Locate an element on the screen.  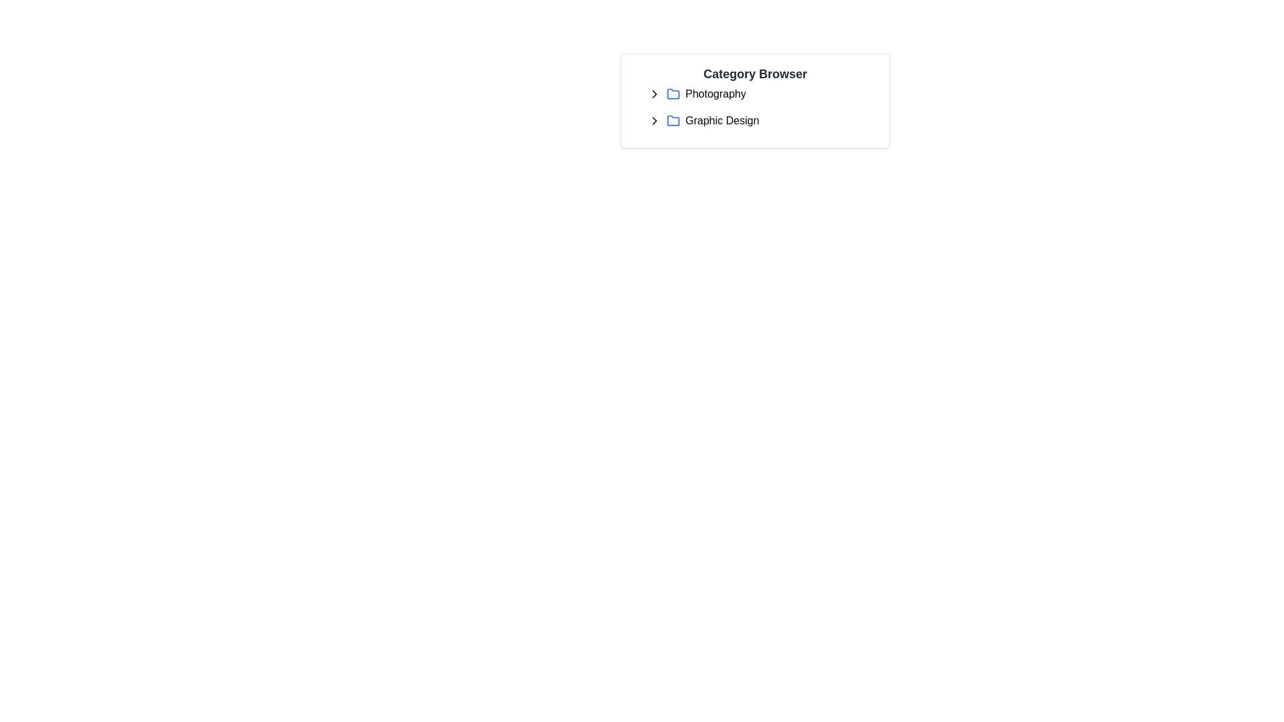
the folder icon with a blue outline located to the left of the 'Photography' text in the 'Category Browser' list is located at coordinates (673, 94).